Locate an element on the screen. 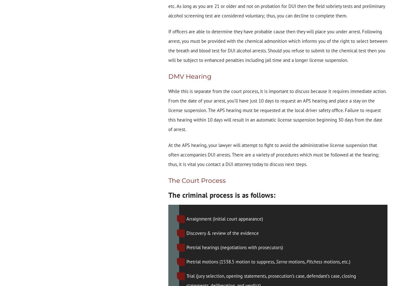 The width and height of the screenshot is (397, 286). 'If officers are able to determine they have probable cause then they will place you under arrest. Following arrest, you must be provided with the chemical admonition which informs you of the right to select between the breath and blood test for DUI alcohol arrests. Should you refuse to submit to the chemical test then you will be subject to enhanced penalties including jail time and a longer license suspension.' is located at coordinates (277, 46).